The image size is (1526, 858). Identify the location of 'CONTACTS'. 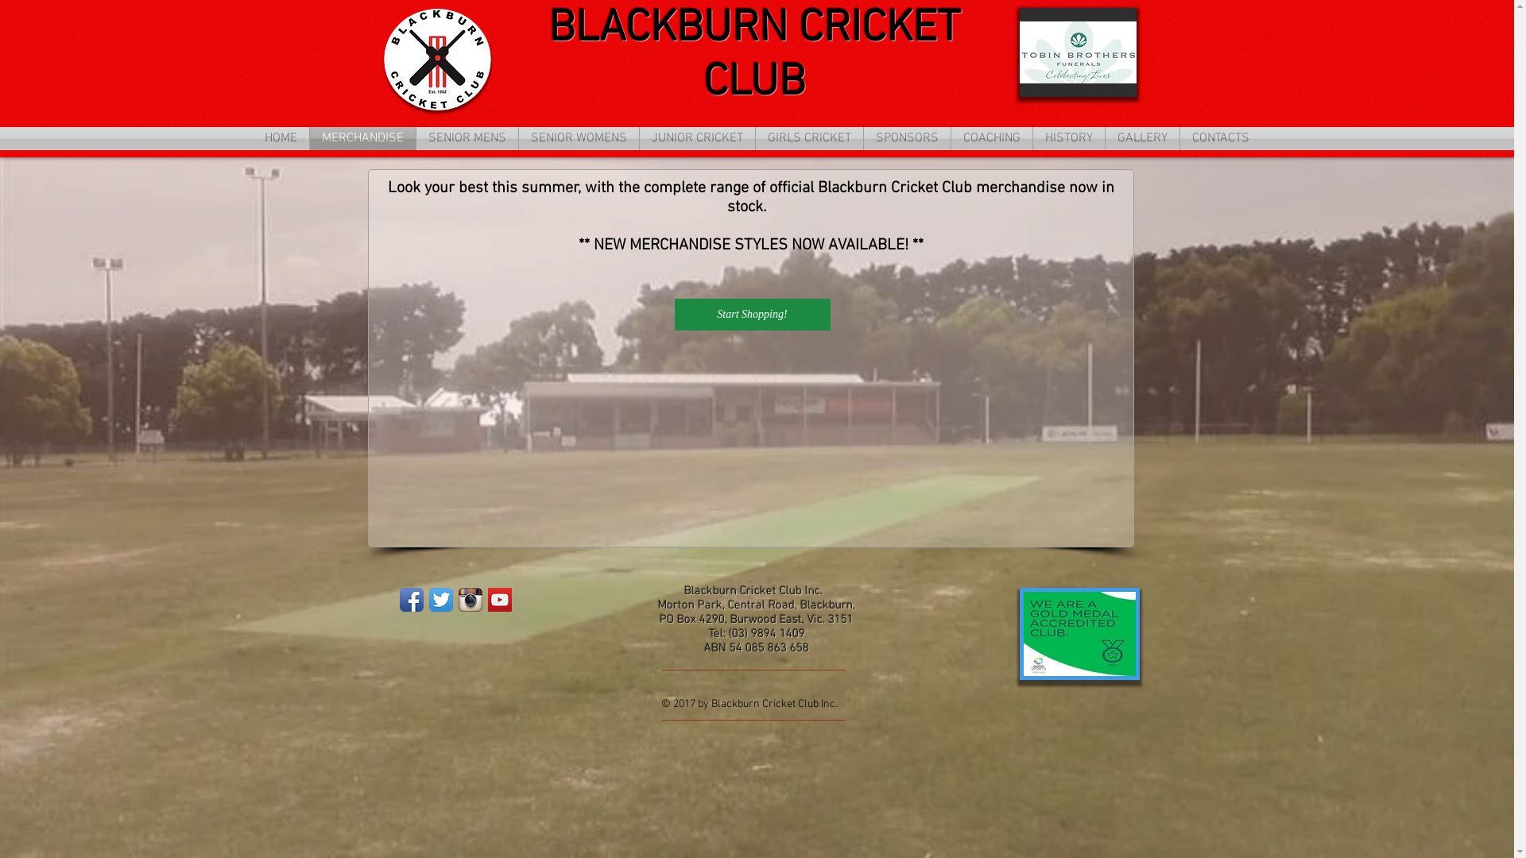
(1220, 137).